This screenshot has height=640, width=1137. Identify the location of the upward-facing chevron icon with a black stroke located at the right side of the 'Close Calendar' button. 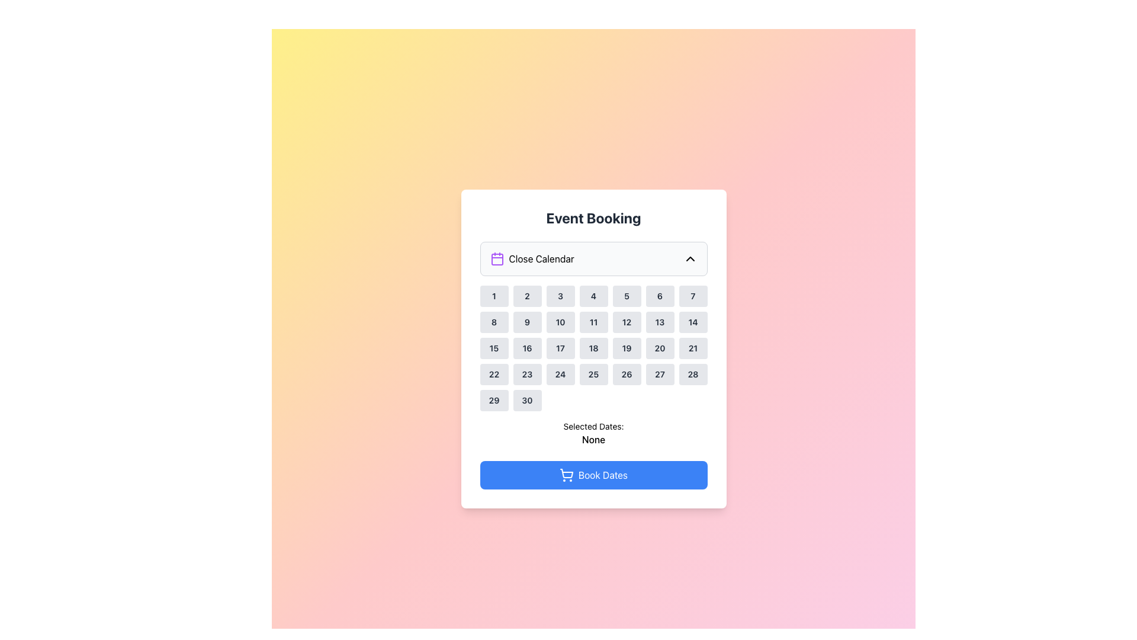
(690, 258).